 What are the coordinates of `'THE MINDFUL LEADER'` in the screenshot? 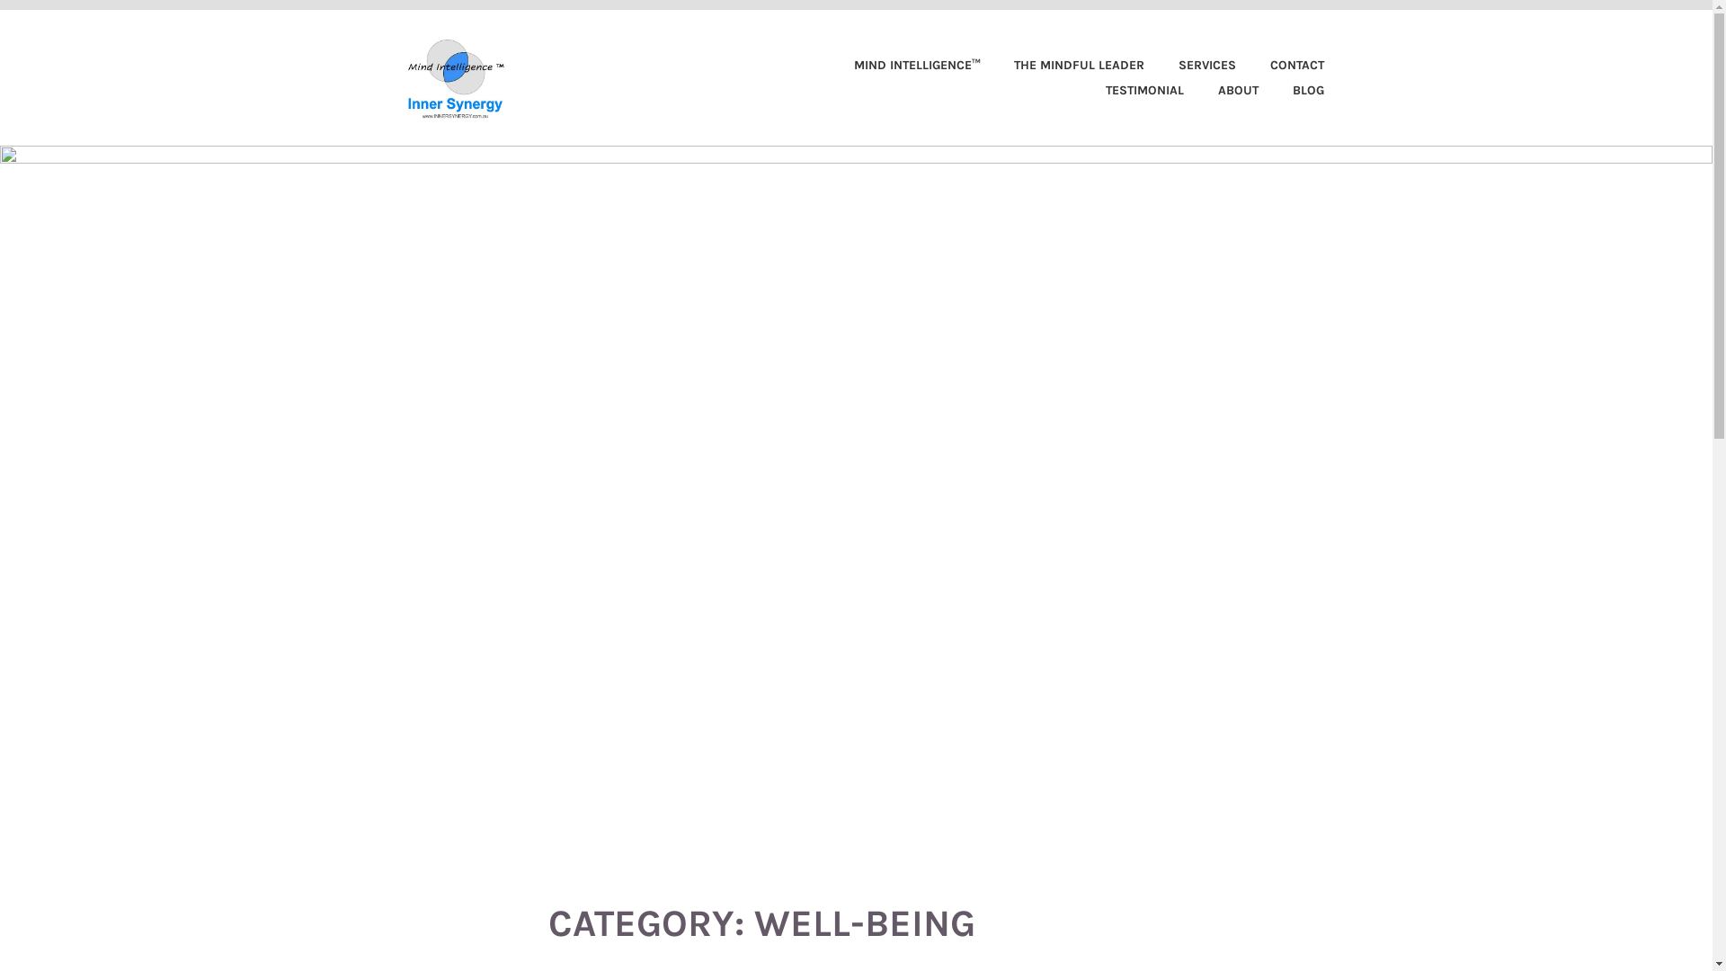 It's located at (1064, 65).